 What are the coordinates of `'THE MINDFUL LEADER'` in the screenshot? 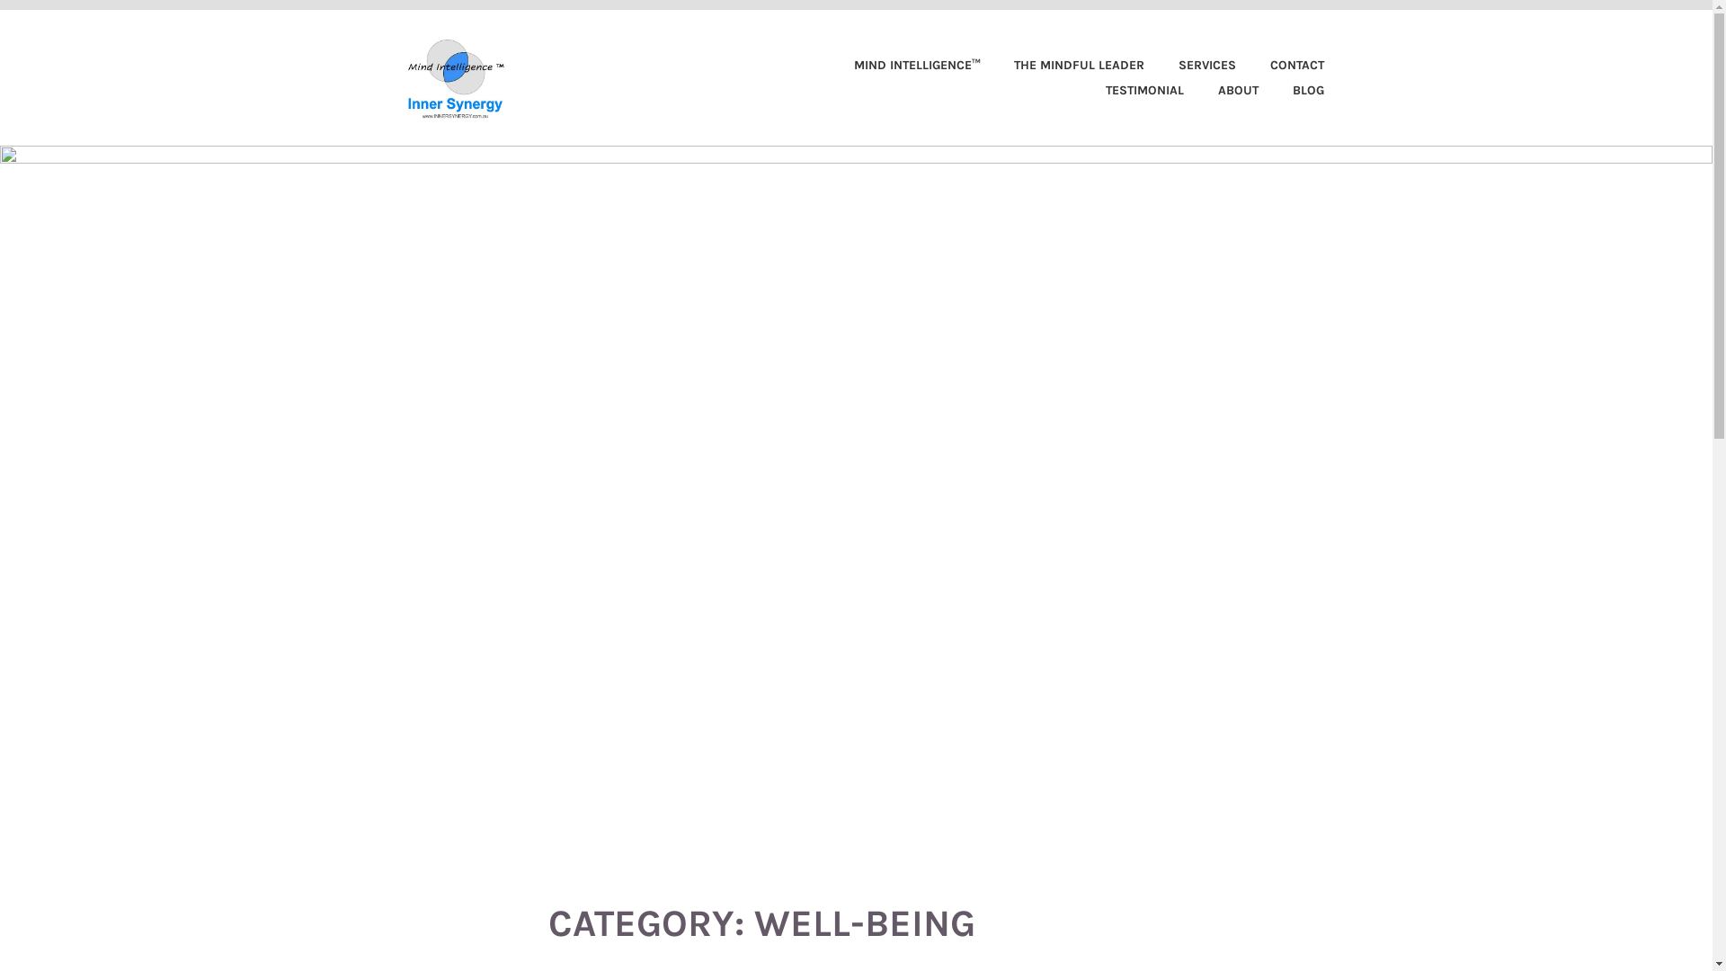 It's located at (1064, 65).